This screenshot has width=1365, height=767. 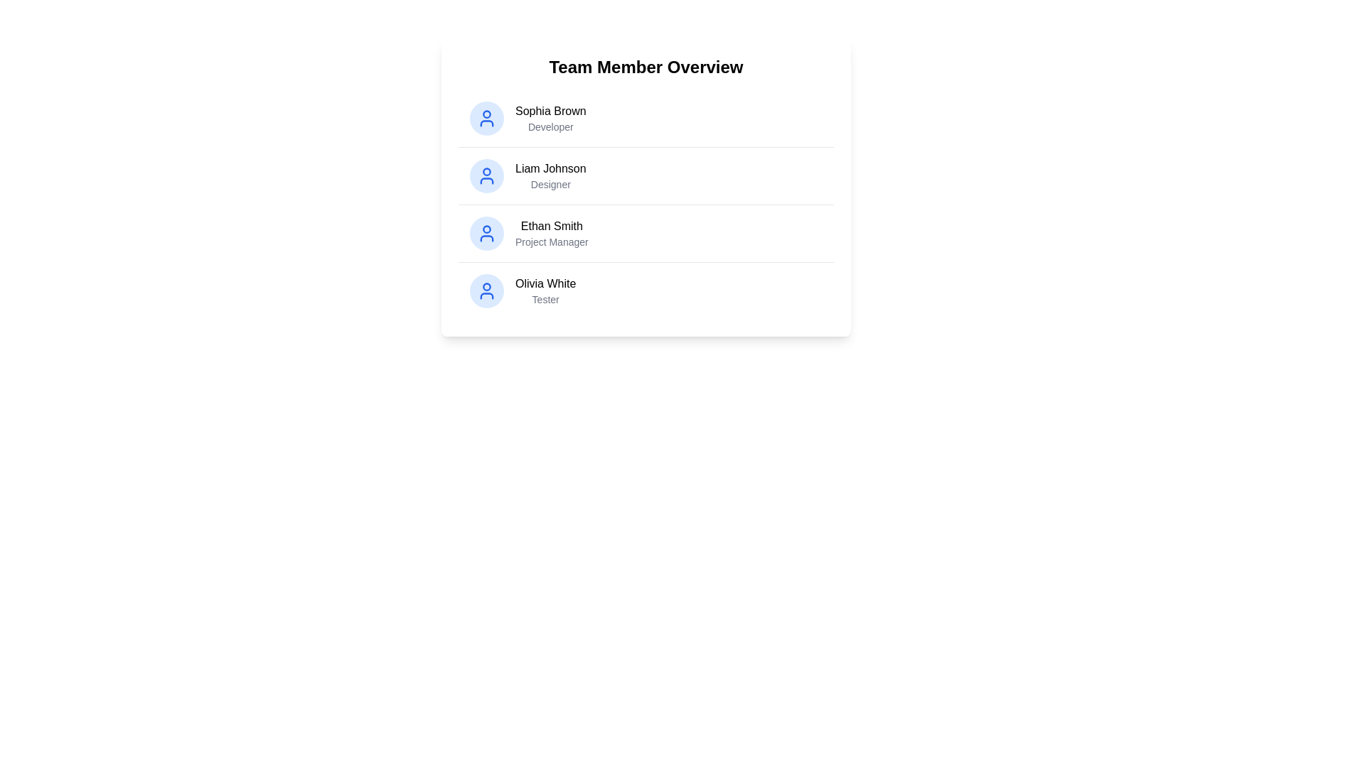 What do you see at coordinates (487, 175) in the screenshot?
I see `the outlined blue user icon representing team member 'Liam Johnson'` at bounding box center [487, 175].